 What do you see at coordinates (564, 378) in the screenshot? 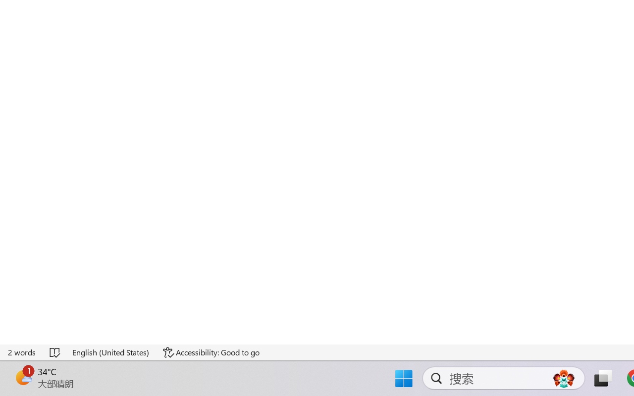
I see `'AutomationID: DynamicSearchBoxGleamImage'` at bounding box center [564, 378].